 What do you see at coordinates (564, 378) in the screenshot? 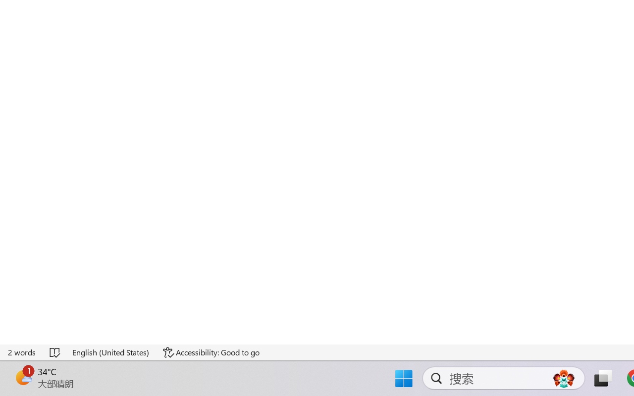
I see `'AutomationID: DynamicSearchBoxGleamImage'` at bounding box center [564, 378].